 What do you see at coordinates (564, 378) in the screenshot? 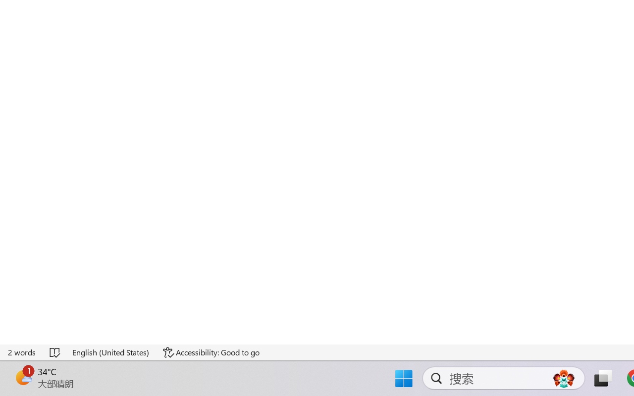
I see `'AutomationID: DynamicSearchBoxGleamImage'` at bounding box center [564, 378].